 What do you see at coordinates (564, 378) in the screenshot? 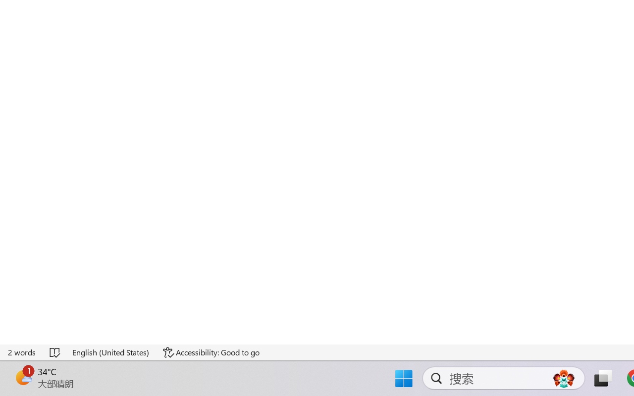
I see `'AutomationID: DynamicSearchBoxGleamImage'` at bounding box center [564, 378].